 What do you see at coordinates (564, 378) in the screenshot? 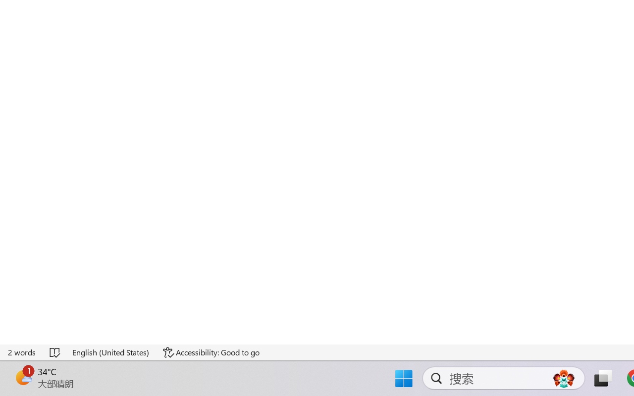
I see `'AutomationID: DynamicSearchBoxGleamImage'` at bounding box center [564, 378].